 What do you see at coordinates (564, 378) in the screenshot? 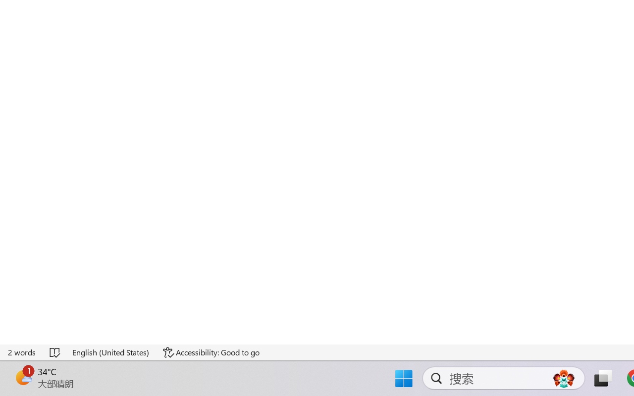
I see `'AutomationID: DynamicSearchBoxGleamImage'` at bounding box center [564, 378].